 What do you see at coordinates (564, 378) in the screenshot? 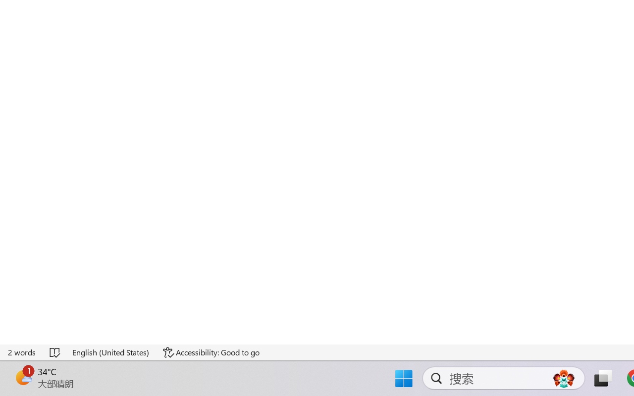
I see `'AutomationID: DynamicSearchBoxGleamImage'` at bounding box center [564, 378].